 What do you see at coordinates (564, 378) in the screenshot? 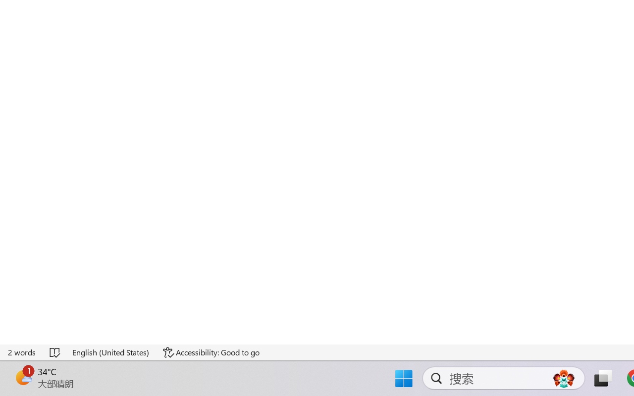
I see `'AutomationID: DynamicSearchBoxGleamImage'` at bounding box center [564, 378].